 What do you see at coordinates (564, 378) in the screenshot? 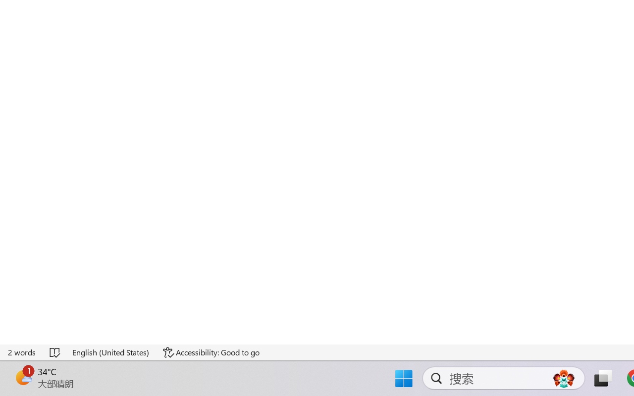
I see `'AutomationID: DynamicSearchBoxGleamImage'` at bounding box center [564, 378].